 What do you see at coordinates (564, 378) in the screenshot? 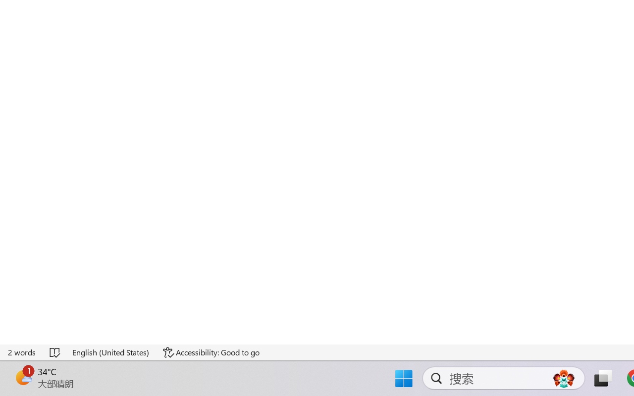
I see `'AutomationID: DynamicSearchBoxGleamImage'` at bounding box center [564, 378].